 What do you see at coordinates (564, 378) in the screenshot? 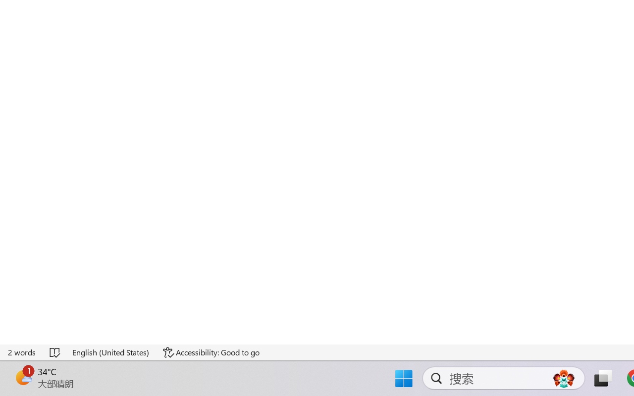
I see `'AutomationID: DynamicSearchBoxGleamImage'` at bounding box center [564, 378].